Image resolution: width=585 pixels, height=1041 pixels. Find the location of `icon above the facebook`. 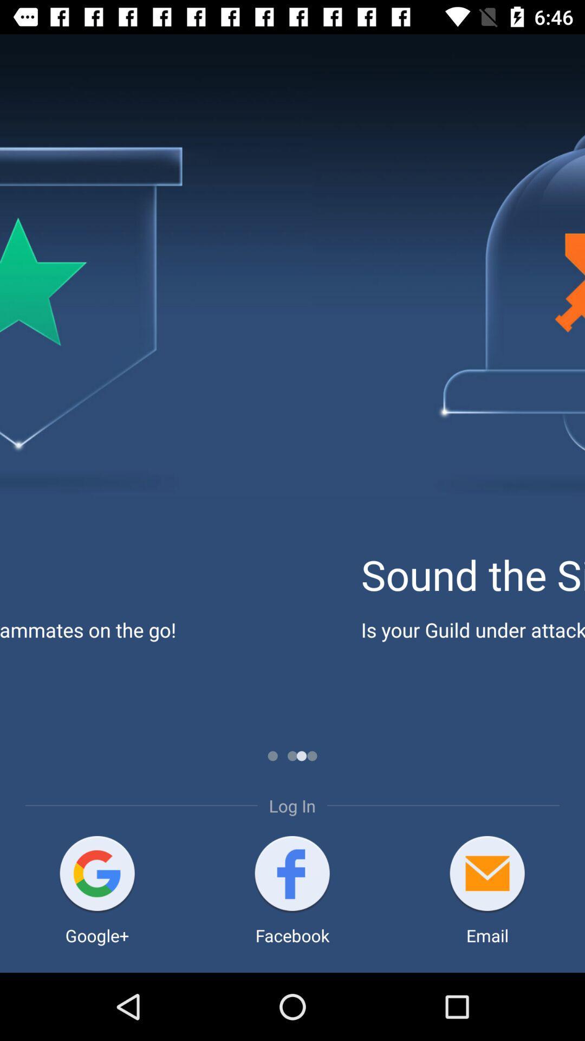

icon above the facebook is located at coordinates (291, 875).